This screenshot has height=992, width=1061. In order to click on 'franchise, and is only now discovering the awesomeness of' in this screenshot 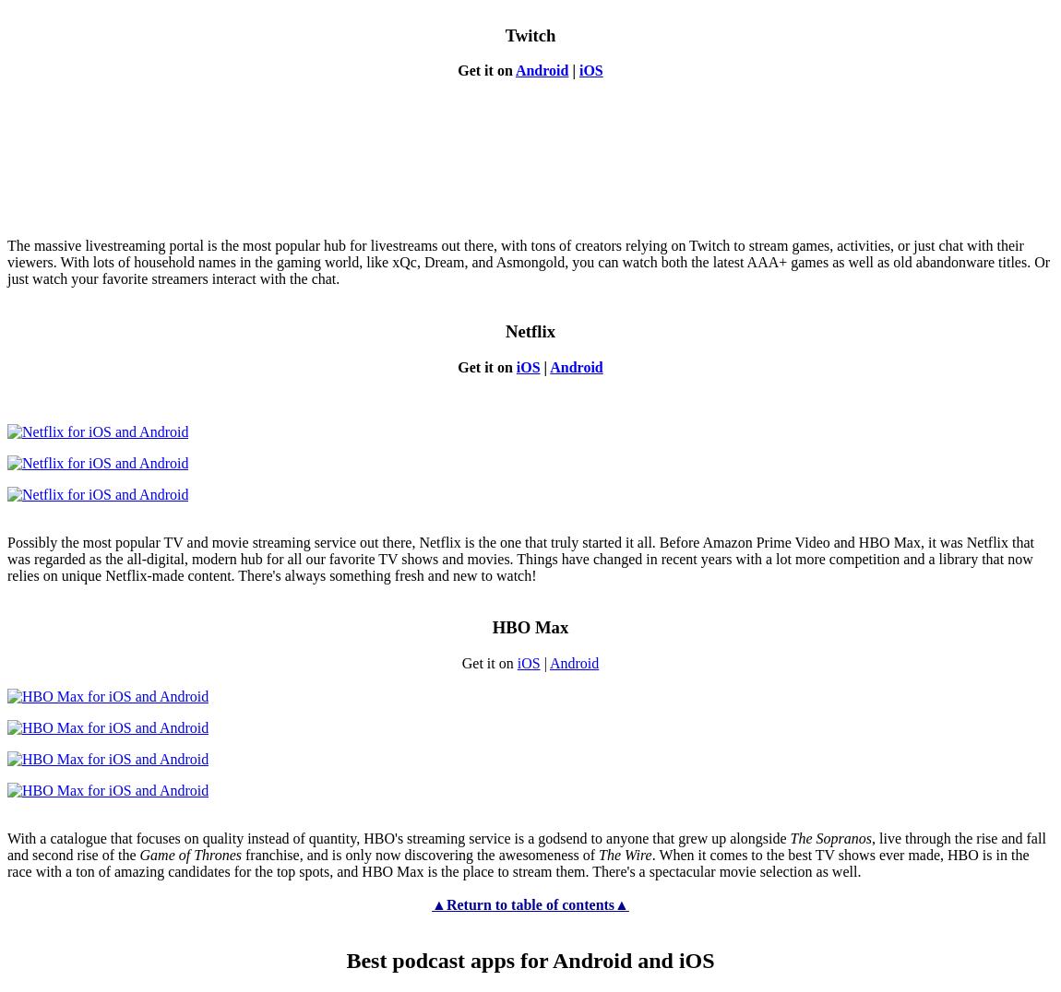, I will do `click(240, 854)`.